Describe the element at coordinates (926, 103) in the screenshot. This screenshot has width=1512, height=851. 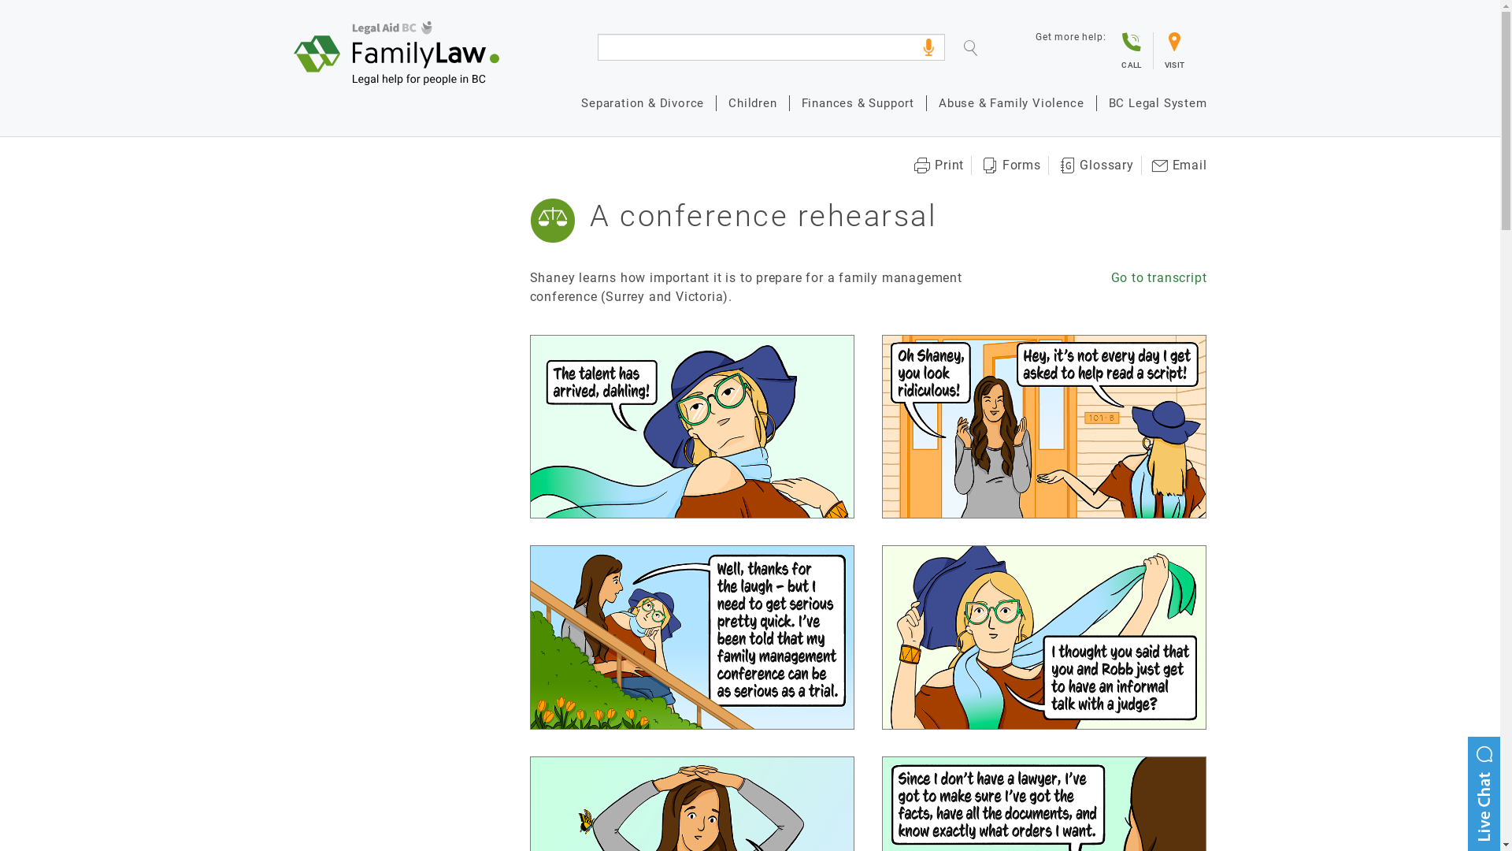
I see `'Abuse & Family Violence'` at that location.